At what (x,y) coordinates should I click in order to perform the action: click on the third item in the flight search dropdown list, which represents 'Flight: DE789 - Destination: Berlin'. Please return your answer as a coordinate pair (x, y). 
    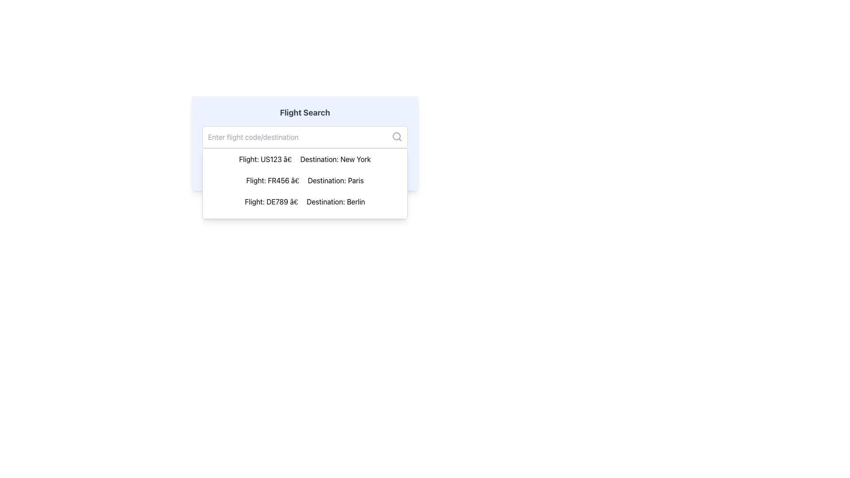
    Looking at the image, I should click on (305, 201).